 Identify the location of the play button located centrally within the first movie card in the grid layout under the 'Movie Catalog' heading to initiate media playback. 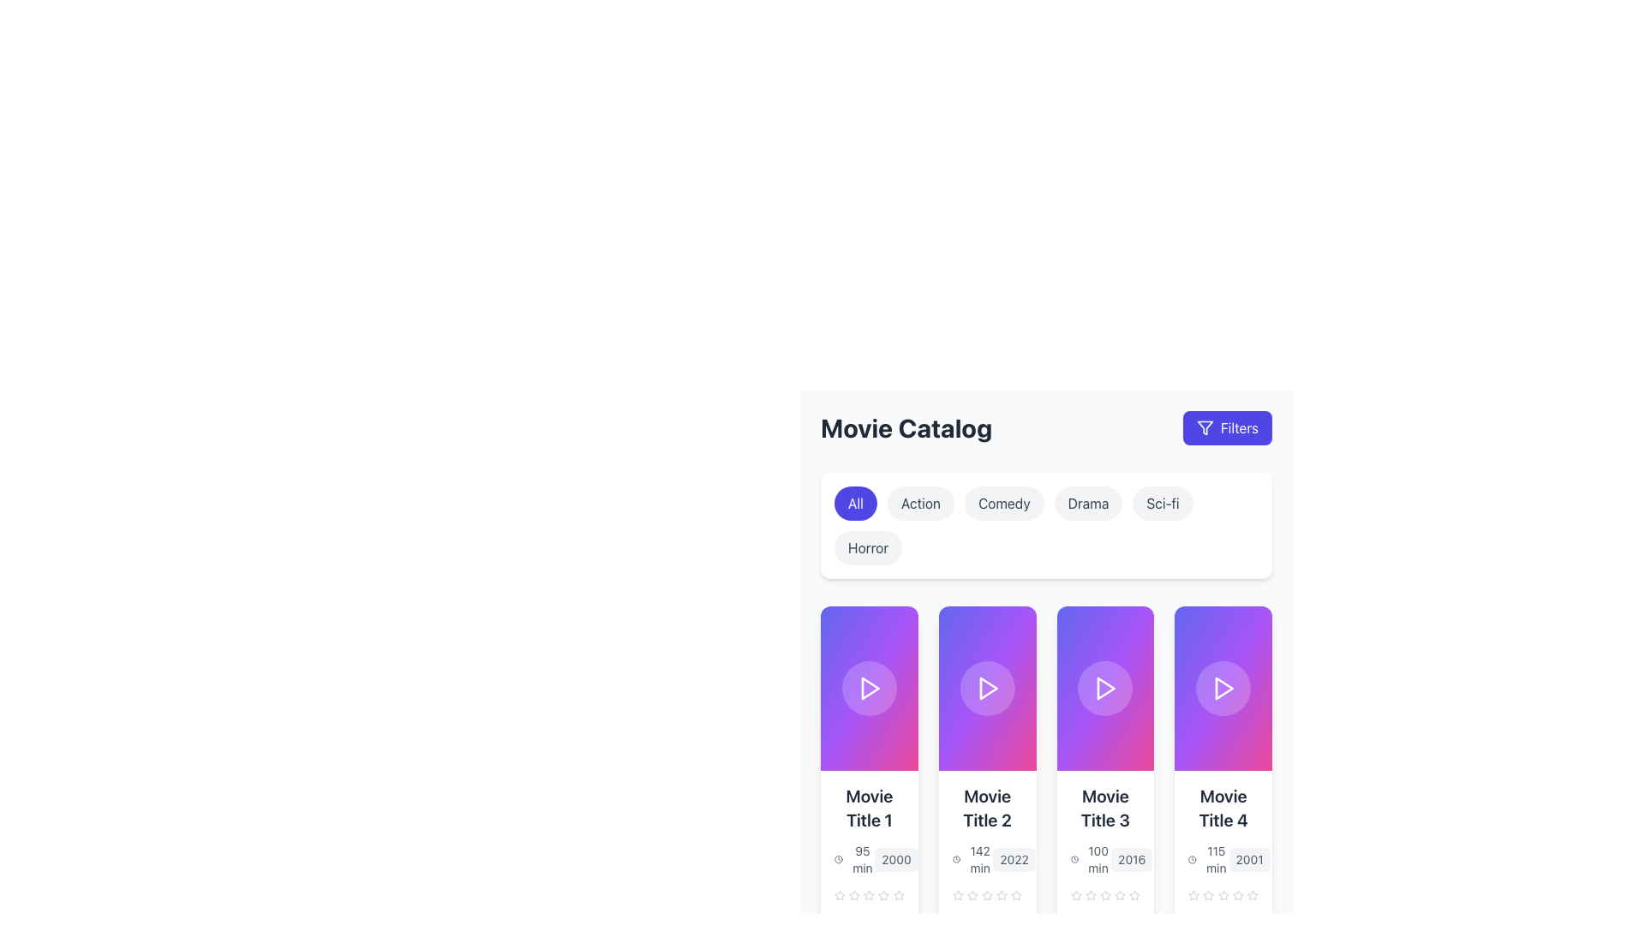
(869, 687).